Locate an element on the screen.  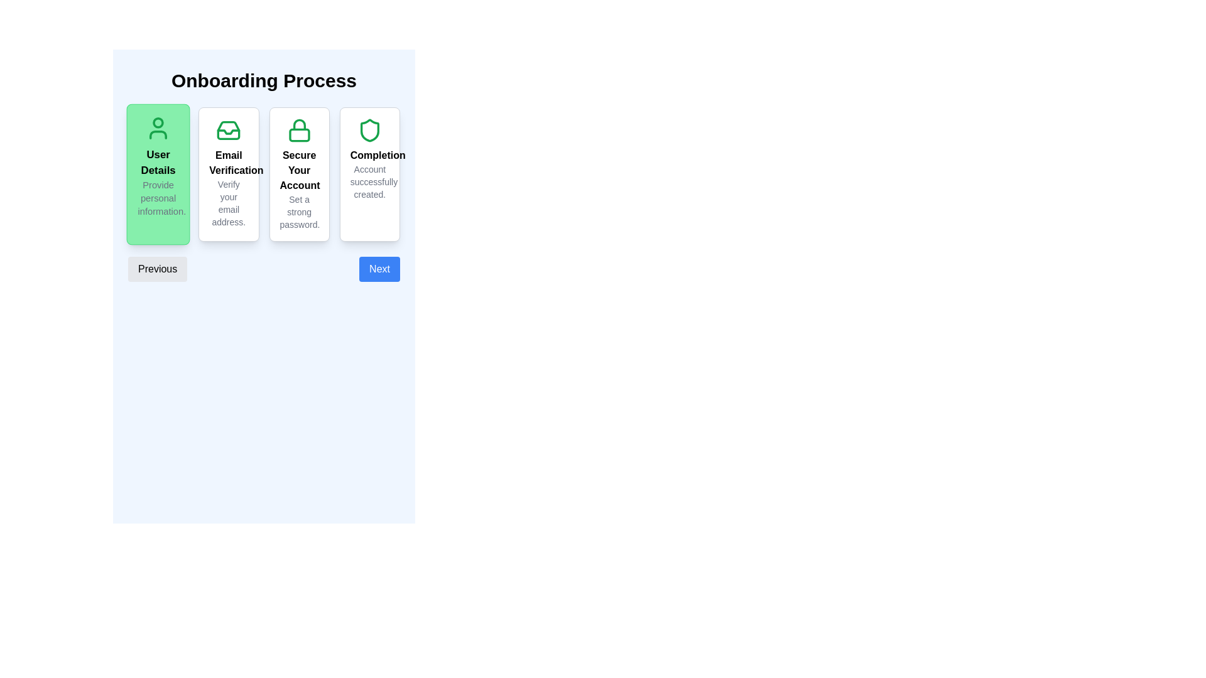
the fourth informational card that indicates 'Account successfully created.' in a horizontal series of four cards is located at coordinates (369, 174).